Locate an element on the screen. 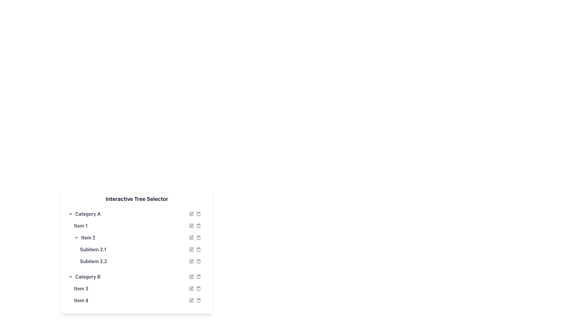  the 'Delete' button (Trash Icon) located to the right of 'Item 3' is located at coordinates (199, 288).